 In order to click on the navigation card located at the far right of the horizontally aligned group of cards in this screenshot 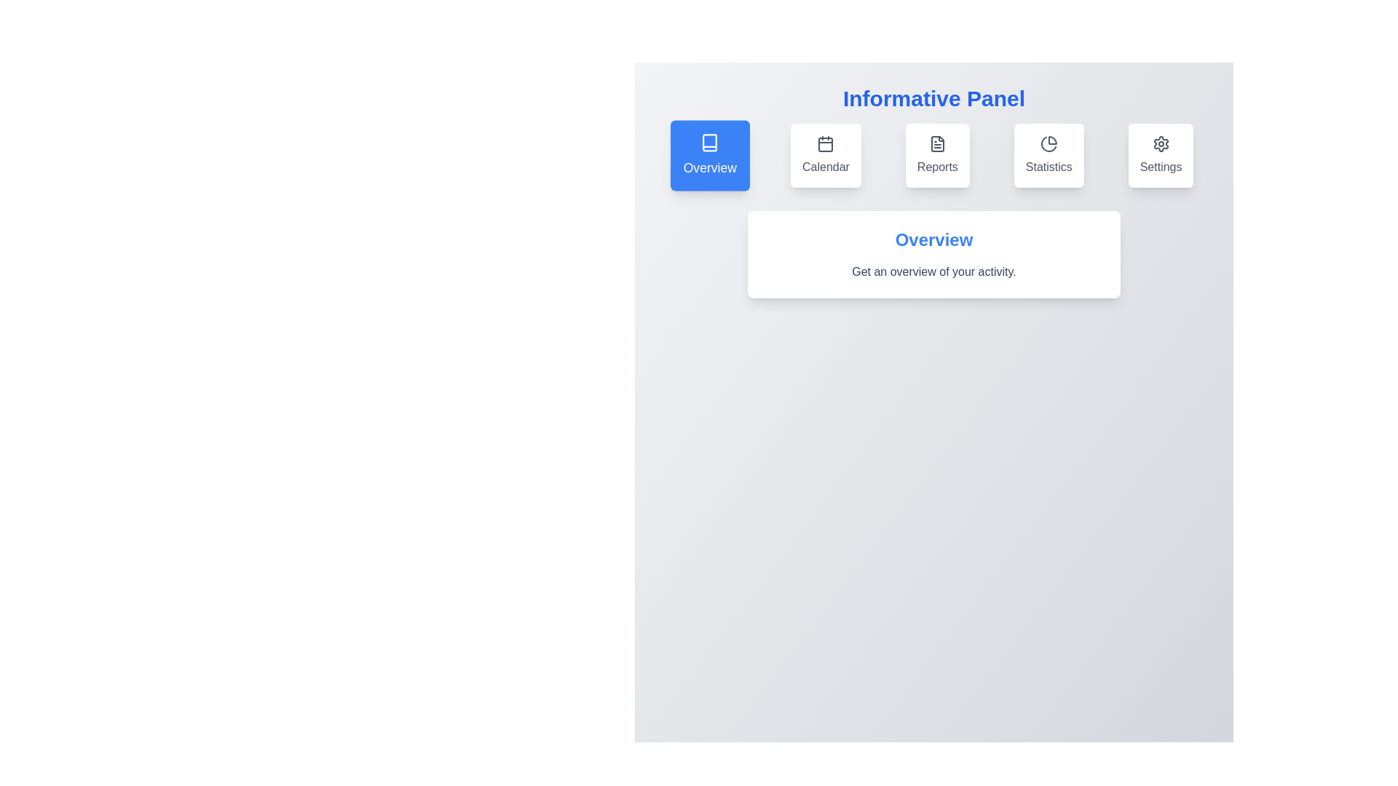, I will do `click(1160, 155)`.